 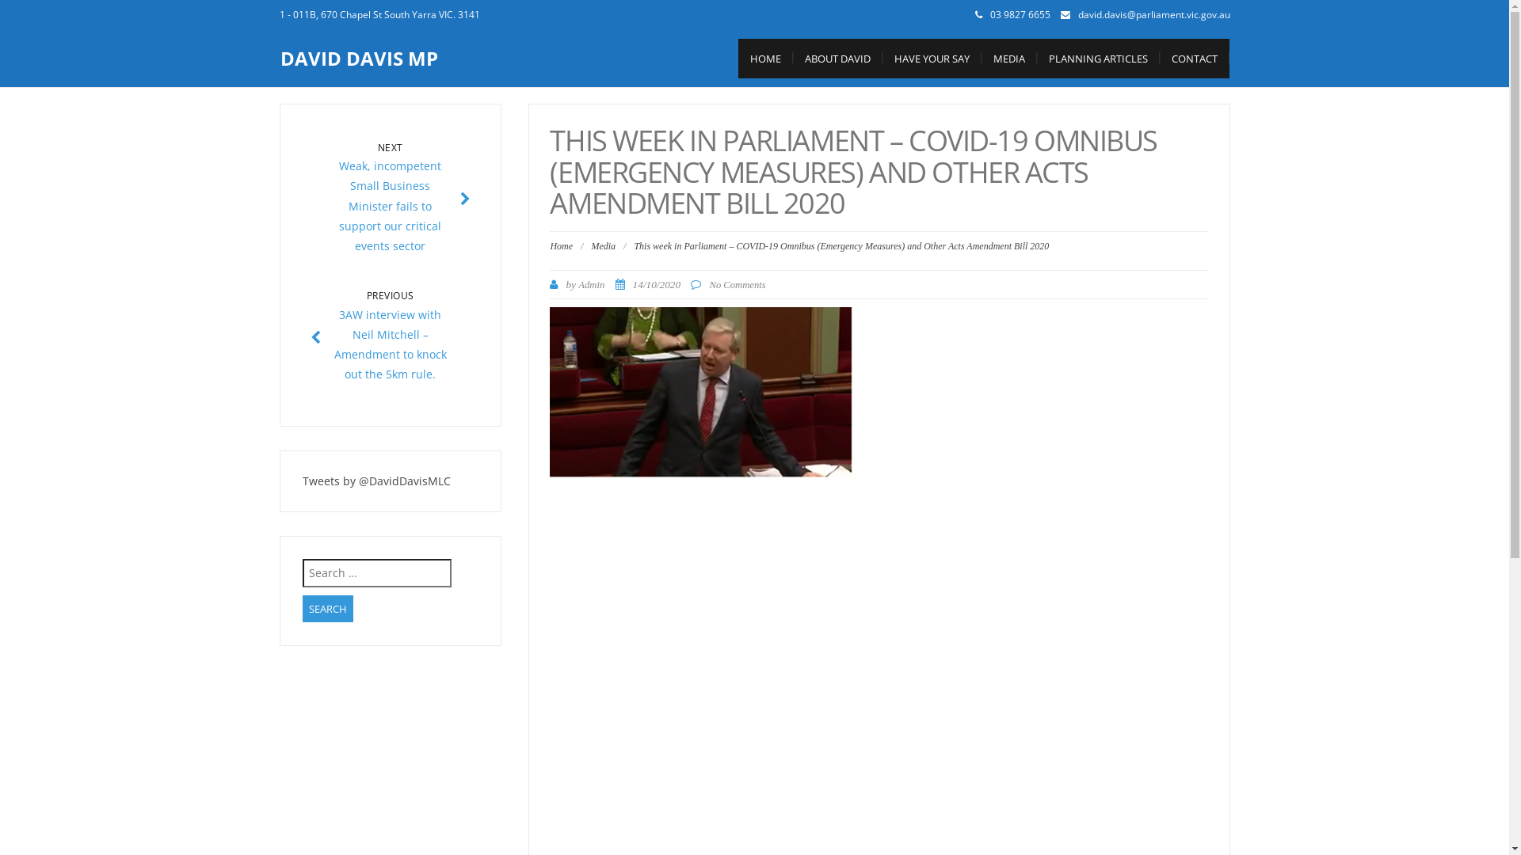 I want to click on 'david.davis@parliament.vic.gov.au', so click(x=1153, y=14).